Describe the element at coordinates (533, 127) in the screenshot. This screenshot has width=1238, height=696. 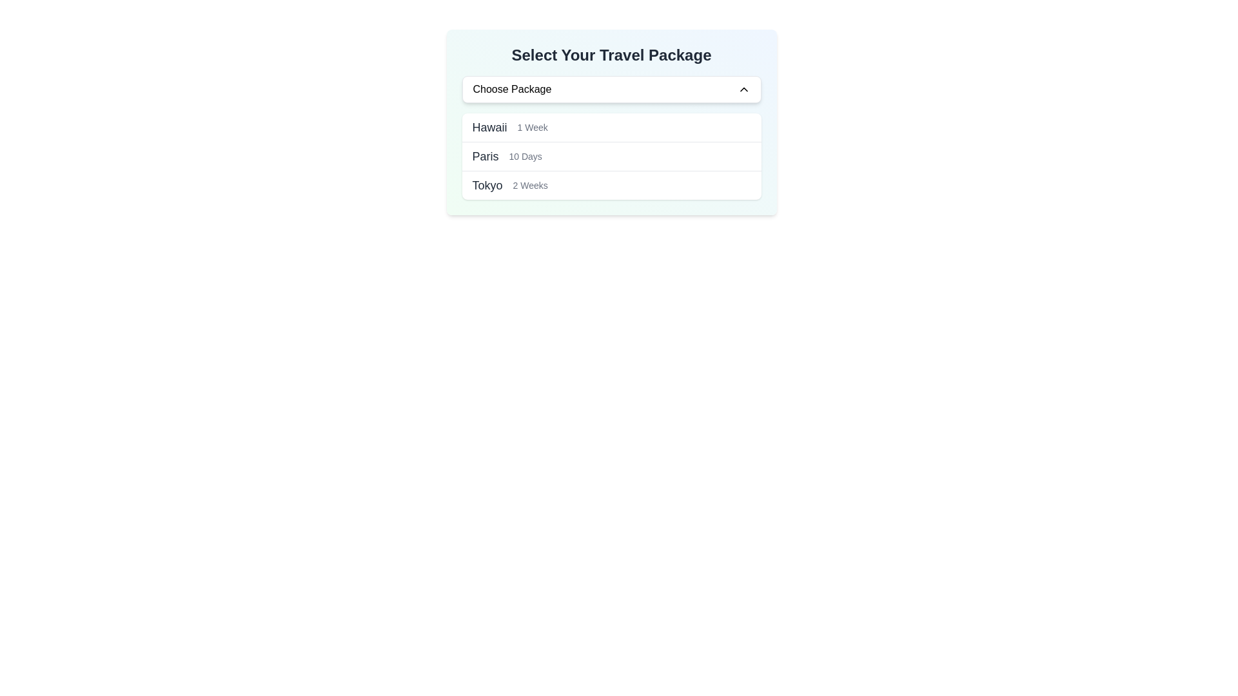
I see `the Text Label displaying '1 Week', which is located to the right of 'Hawaii' in the dropdown menu titled 'Select Your Travel Package'` at that location.